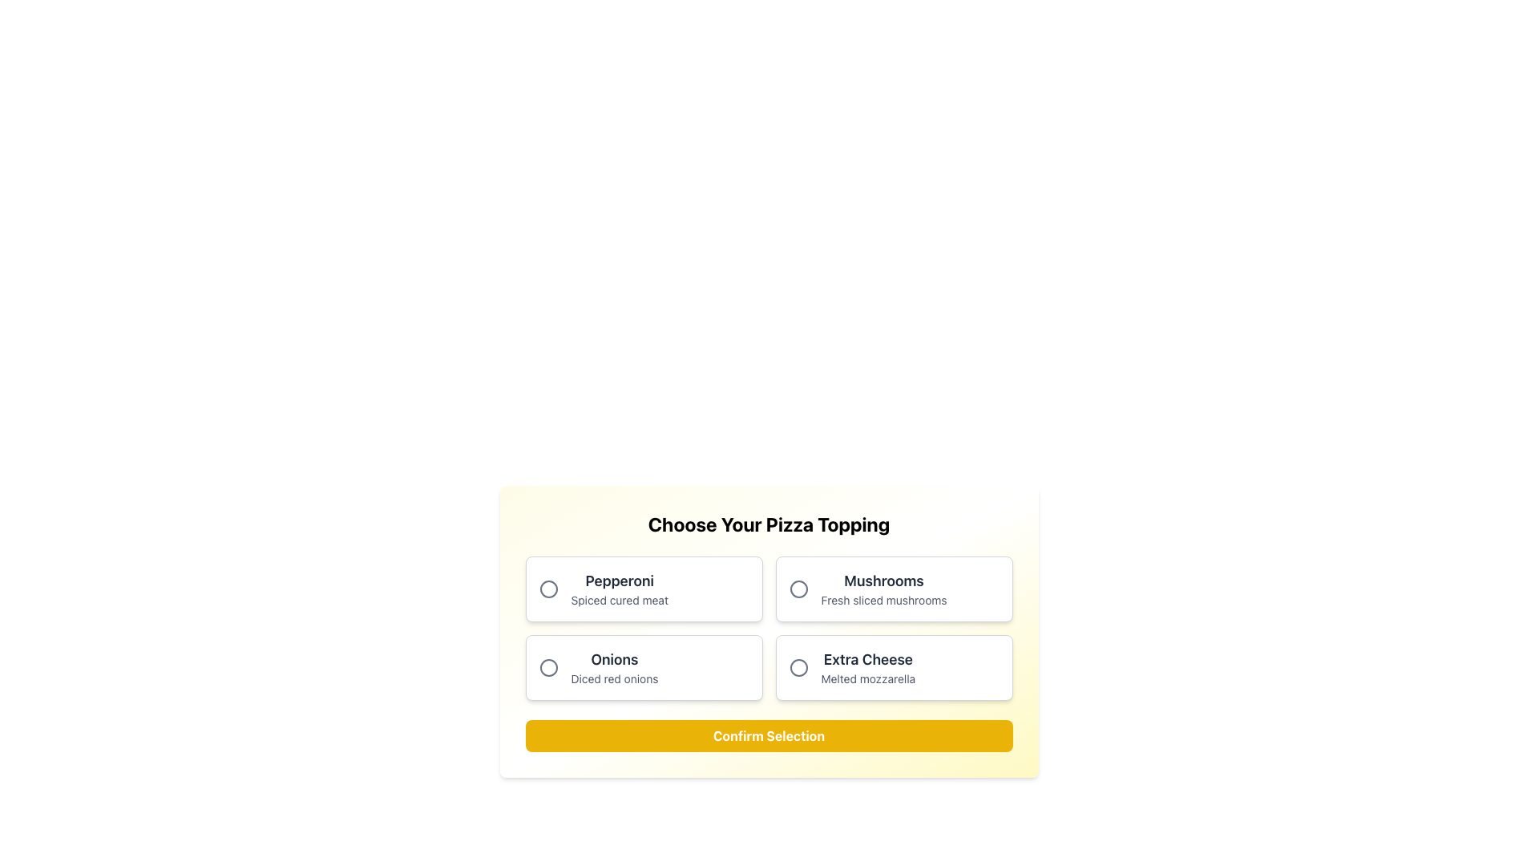 The width and height of the screenshot is (1539, 866). Describe the element at coordinates (867, 679) in the screenshot. I see `the descriptive text label located beneath the 'Extra Cheese' topping in the selectable panel of the pizza toppings grid layout` at that location.